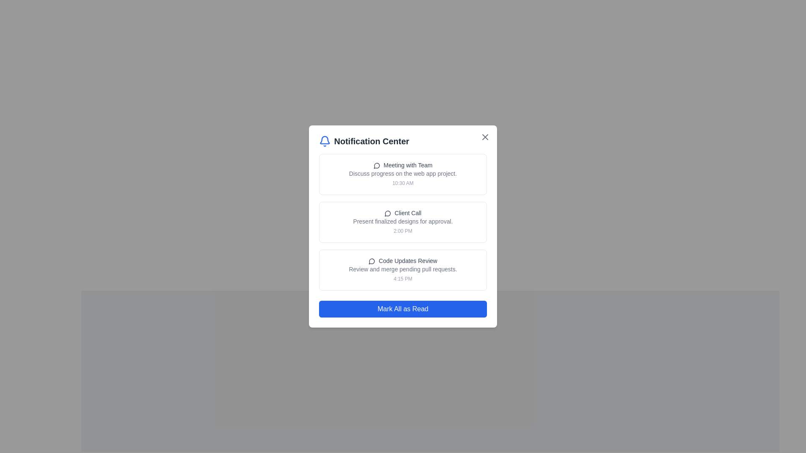 This screenshot has height=453, width=806. What do you see at coordinates (403, 174) in the screenshot?
I see `contents of the first Notification card in the Notification Center, which displays details about a scheduled meeting` at bounding box center [403, 174].